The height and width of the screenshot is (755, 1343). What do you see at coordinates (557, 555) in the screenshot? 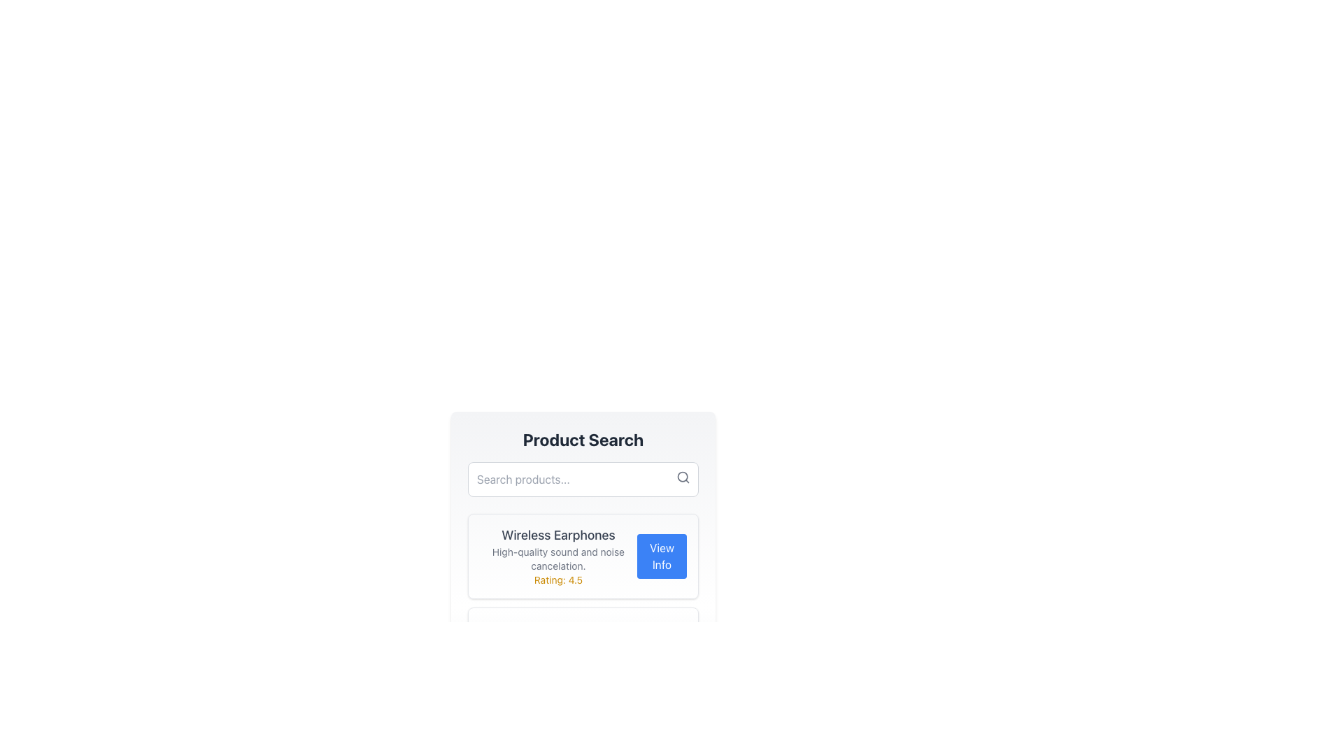
I see `the 'Wireless Earphones' text block` at bounding box center [557, 555].